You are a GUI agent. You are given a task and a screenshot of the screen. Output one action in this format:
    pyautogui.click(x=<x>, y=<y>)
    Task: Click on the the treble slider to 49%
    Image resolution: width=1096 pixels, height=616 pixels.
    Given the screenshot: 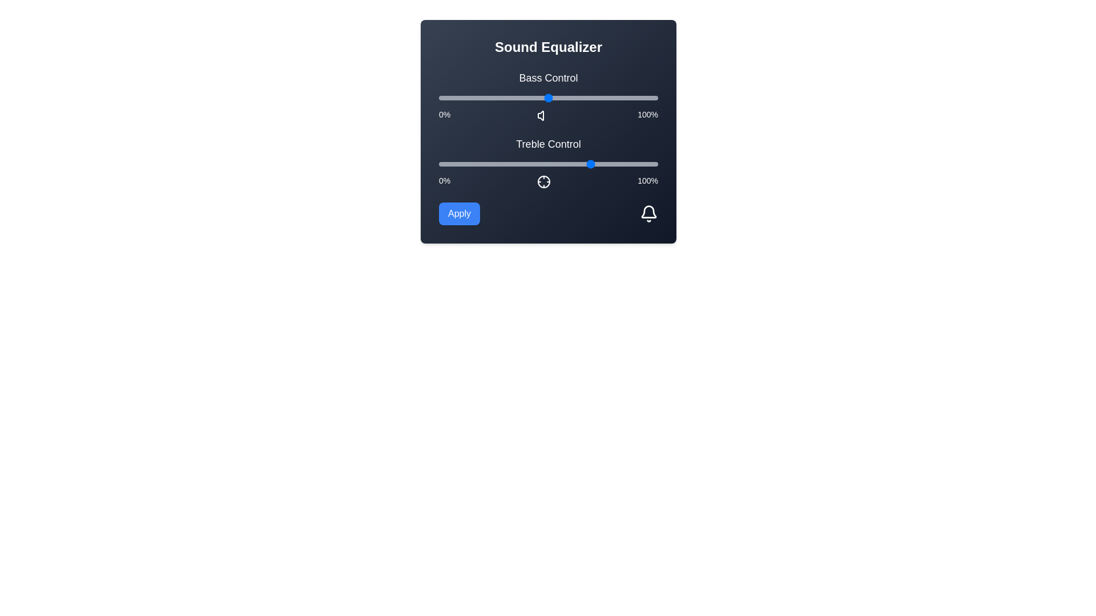 What is the action you would take?
    pyautogui.click(x=546, y=164)
    